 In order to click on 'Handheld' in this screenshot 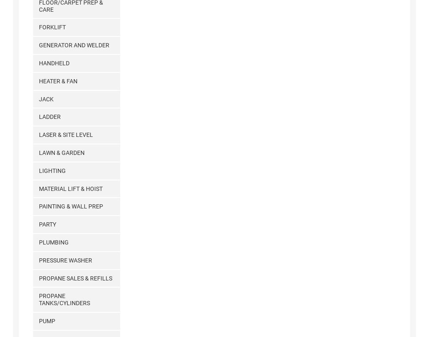, I will do `click(54, 62)`.